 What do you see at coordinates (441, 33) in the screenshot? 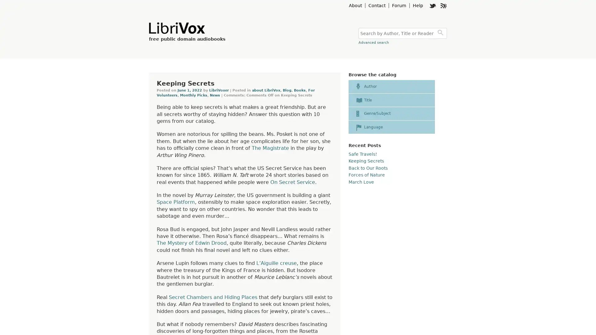
I see `Search` at bounding box center [441, 33].